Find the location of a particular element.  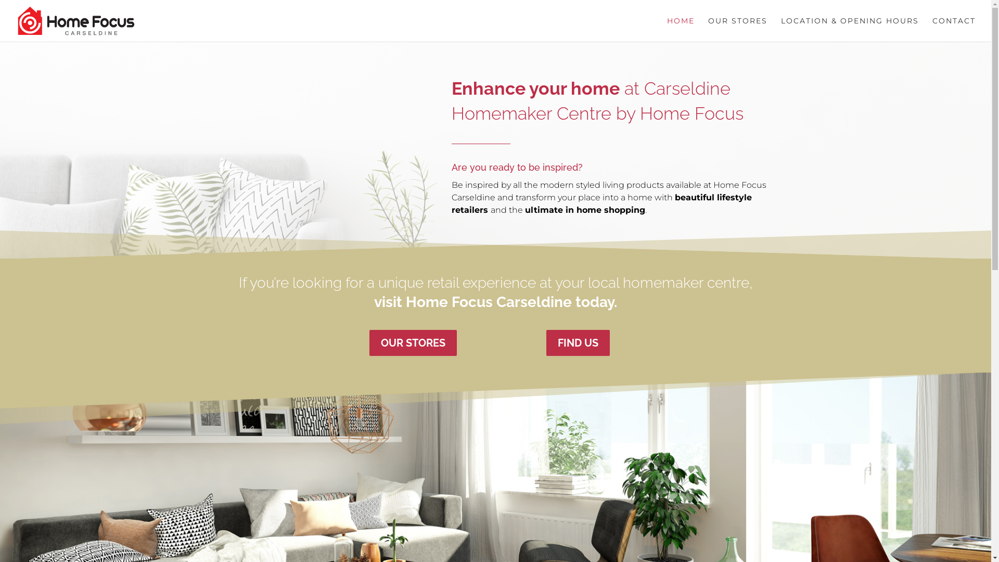

'LOCATION & OPENING HOURS' is located at coordinates (850, 29).